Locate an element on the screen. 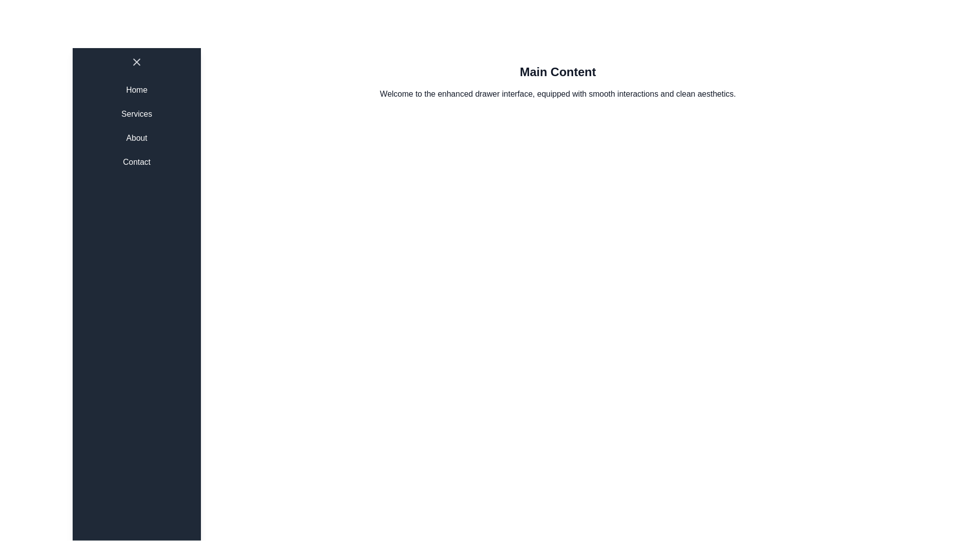  the 'Home' navigation menu item, which is the first item in the vertical navigation menu and features a dark background with light text is located at coordinates (136, 90).